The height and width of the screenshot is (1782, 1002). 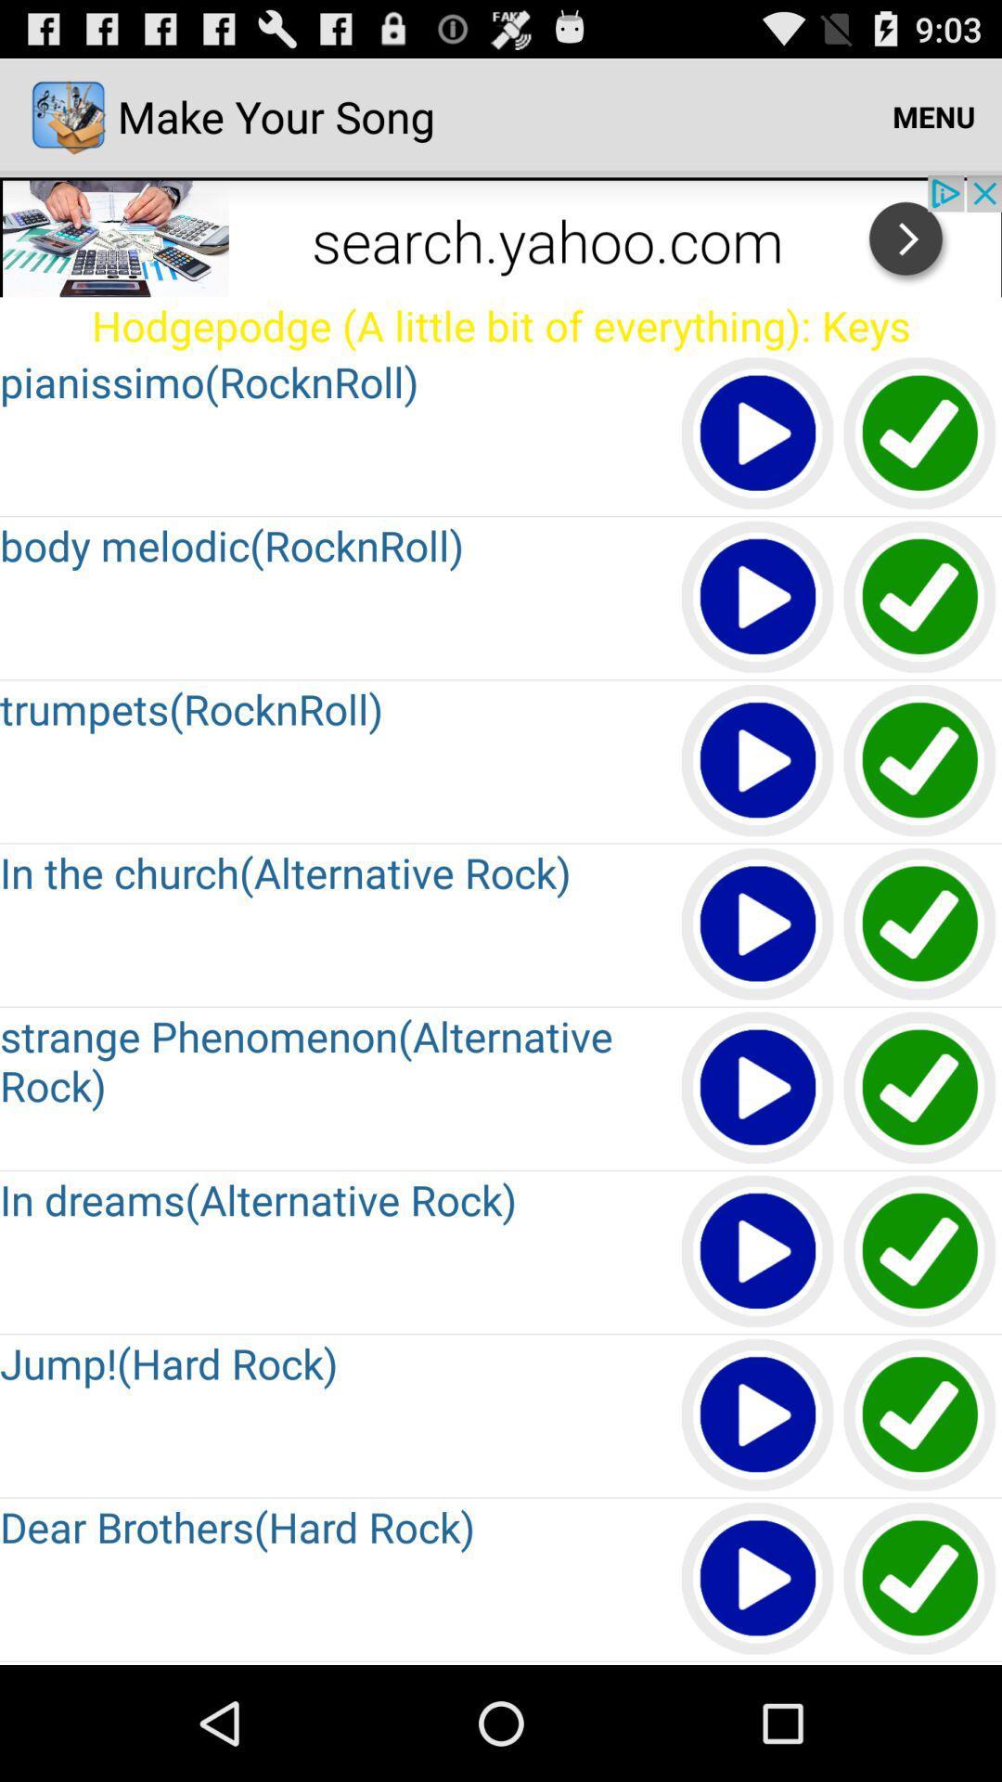 What do you see at coordinates (758, 433) in the screenshot?
I see `this song` at bounding box center [758, 433].